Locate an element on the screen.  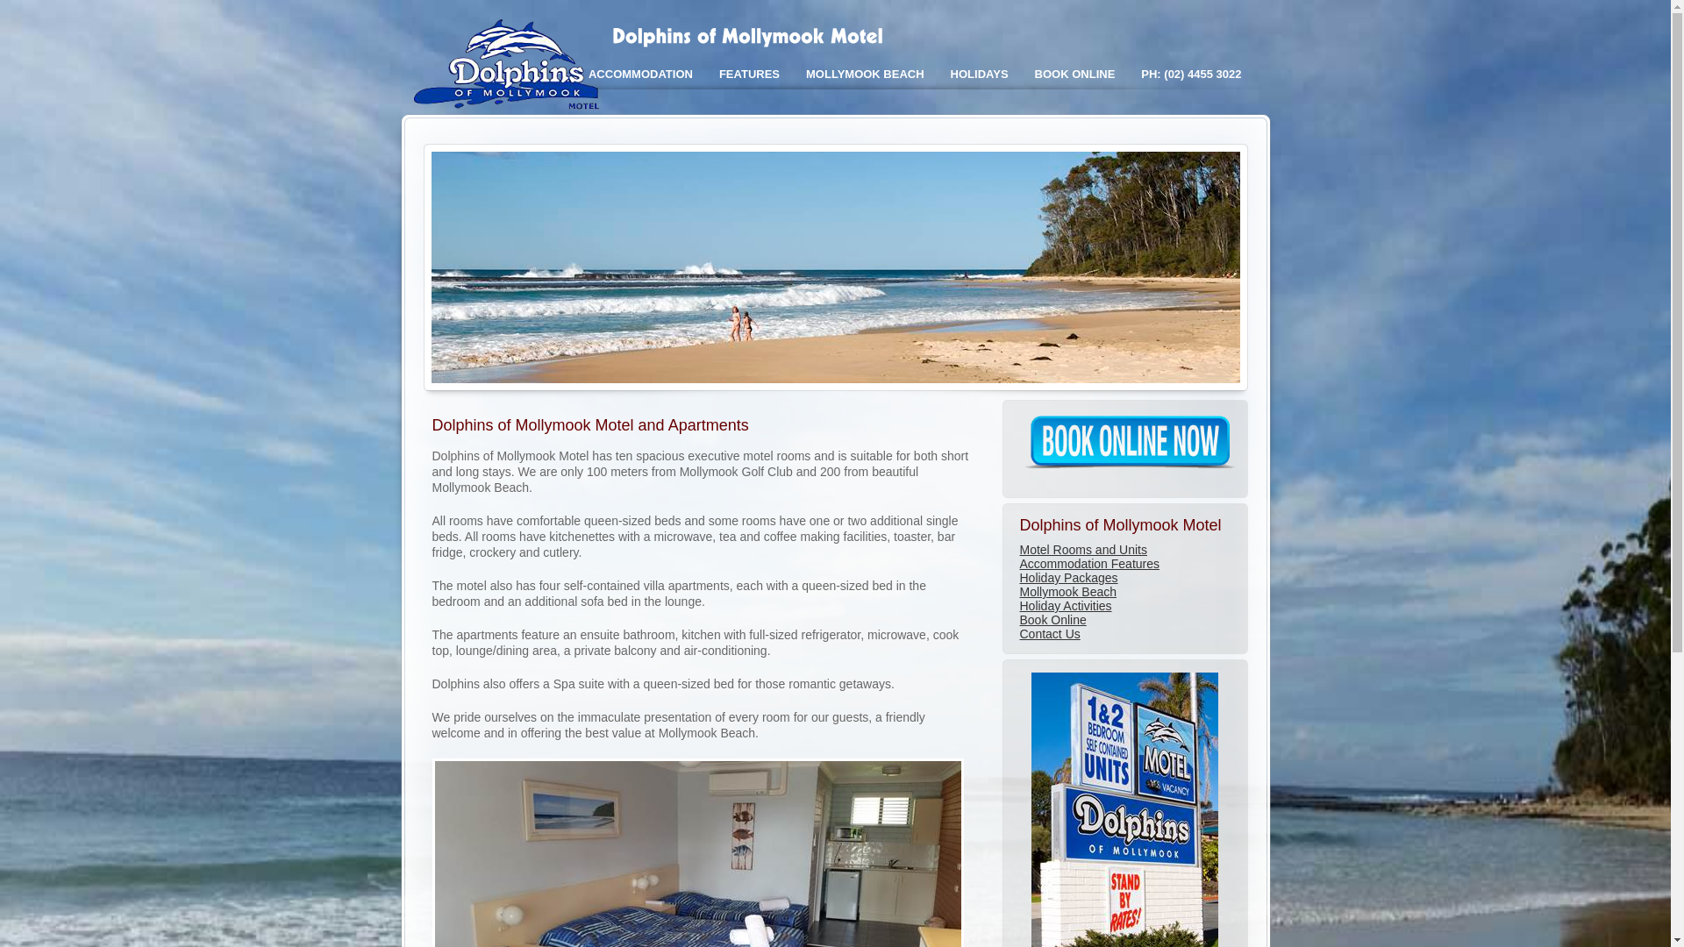
'HOLIDAYS' is located at coordinates (937, 73).